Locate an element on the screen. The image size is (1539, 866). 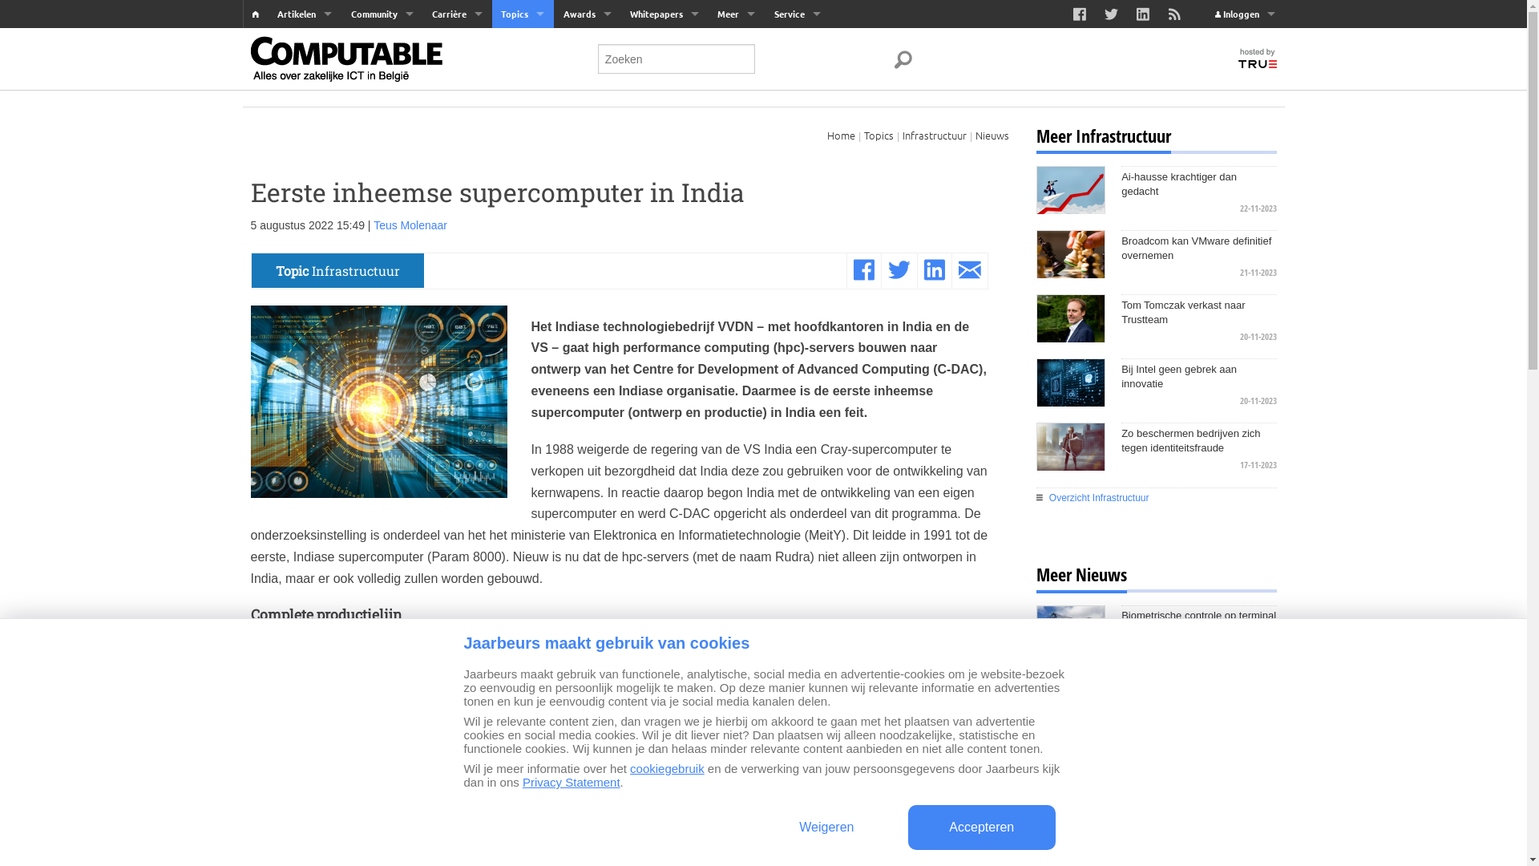
'Home' is located at coordinates (840, 134).